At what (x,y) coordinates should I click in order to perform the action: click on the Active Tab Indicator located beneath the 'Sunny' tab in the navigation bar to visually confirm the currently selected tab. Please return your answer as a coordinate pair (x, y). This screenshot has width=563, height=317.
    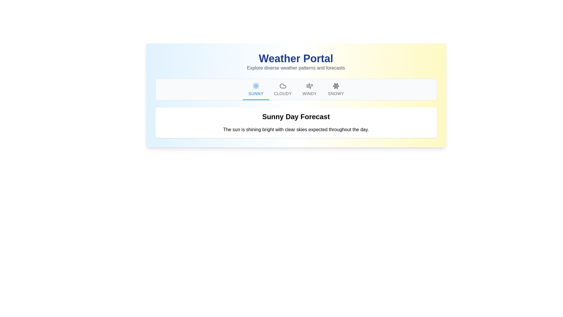
    Looking at the image, I should click on (256, 99).